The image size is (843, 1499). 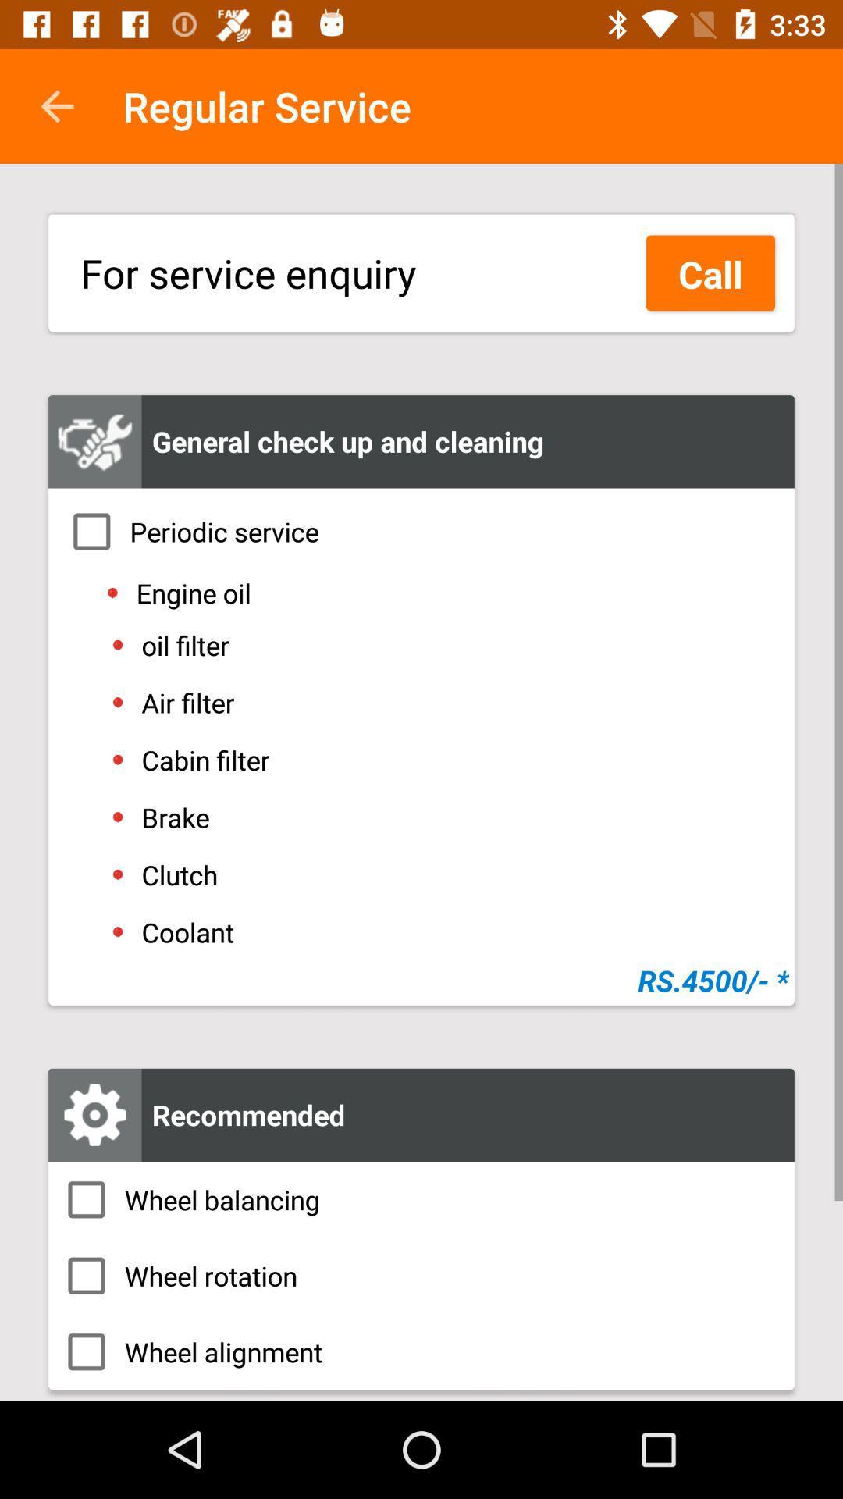 What do you see at coordinates (421, 1351) in the screenshot?
I see `wheel alignment` at bounding box center [421, 1351].